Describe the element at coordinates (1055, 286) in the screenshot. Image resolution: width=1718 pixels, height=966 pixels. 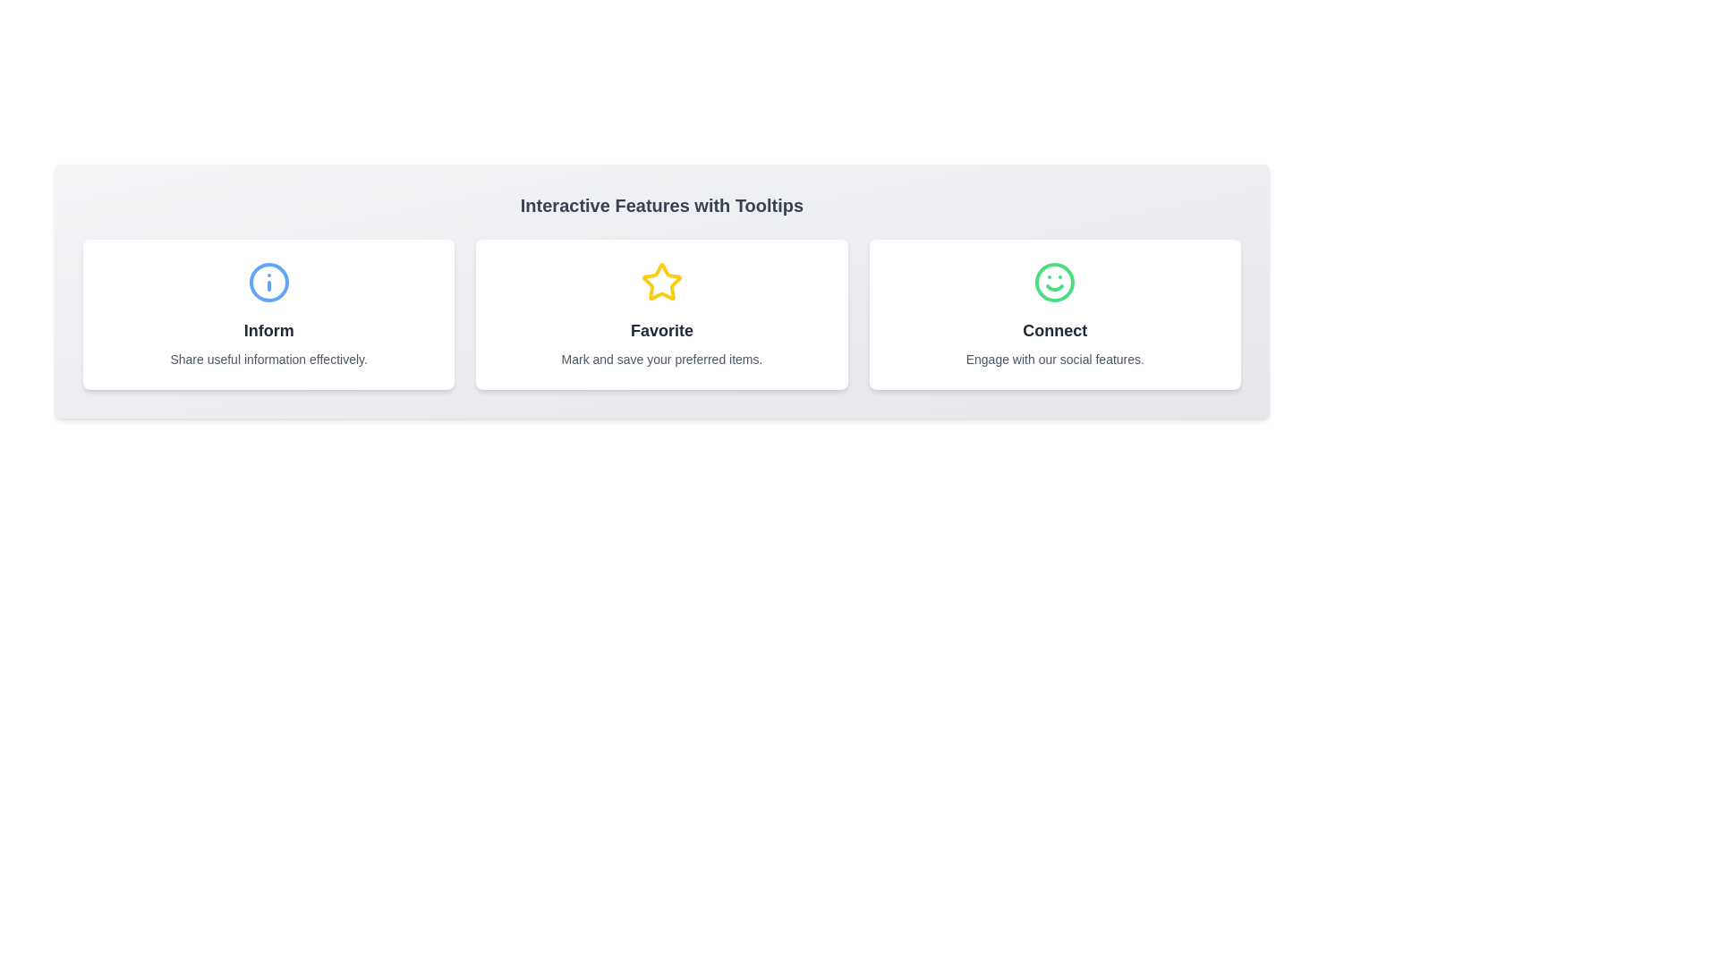
I see `the smile graphical element in the 'Connect' icon, which visually symbolizes connection and social interaction, located at the bottom-right of the interface` at that location.